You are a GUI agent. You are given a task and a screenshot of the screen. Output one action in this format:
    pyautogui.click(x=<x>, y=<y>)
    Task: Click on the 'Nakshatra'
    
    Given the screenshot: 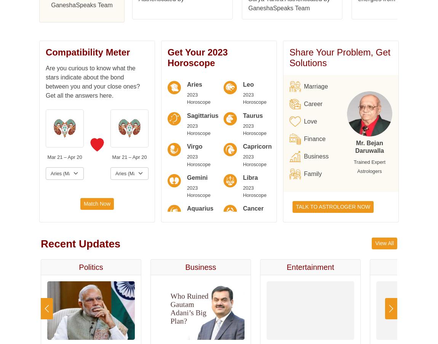 What is the action you would take?
    pyautogui.click(x=101, y=22)
    